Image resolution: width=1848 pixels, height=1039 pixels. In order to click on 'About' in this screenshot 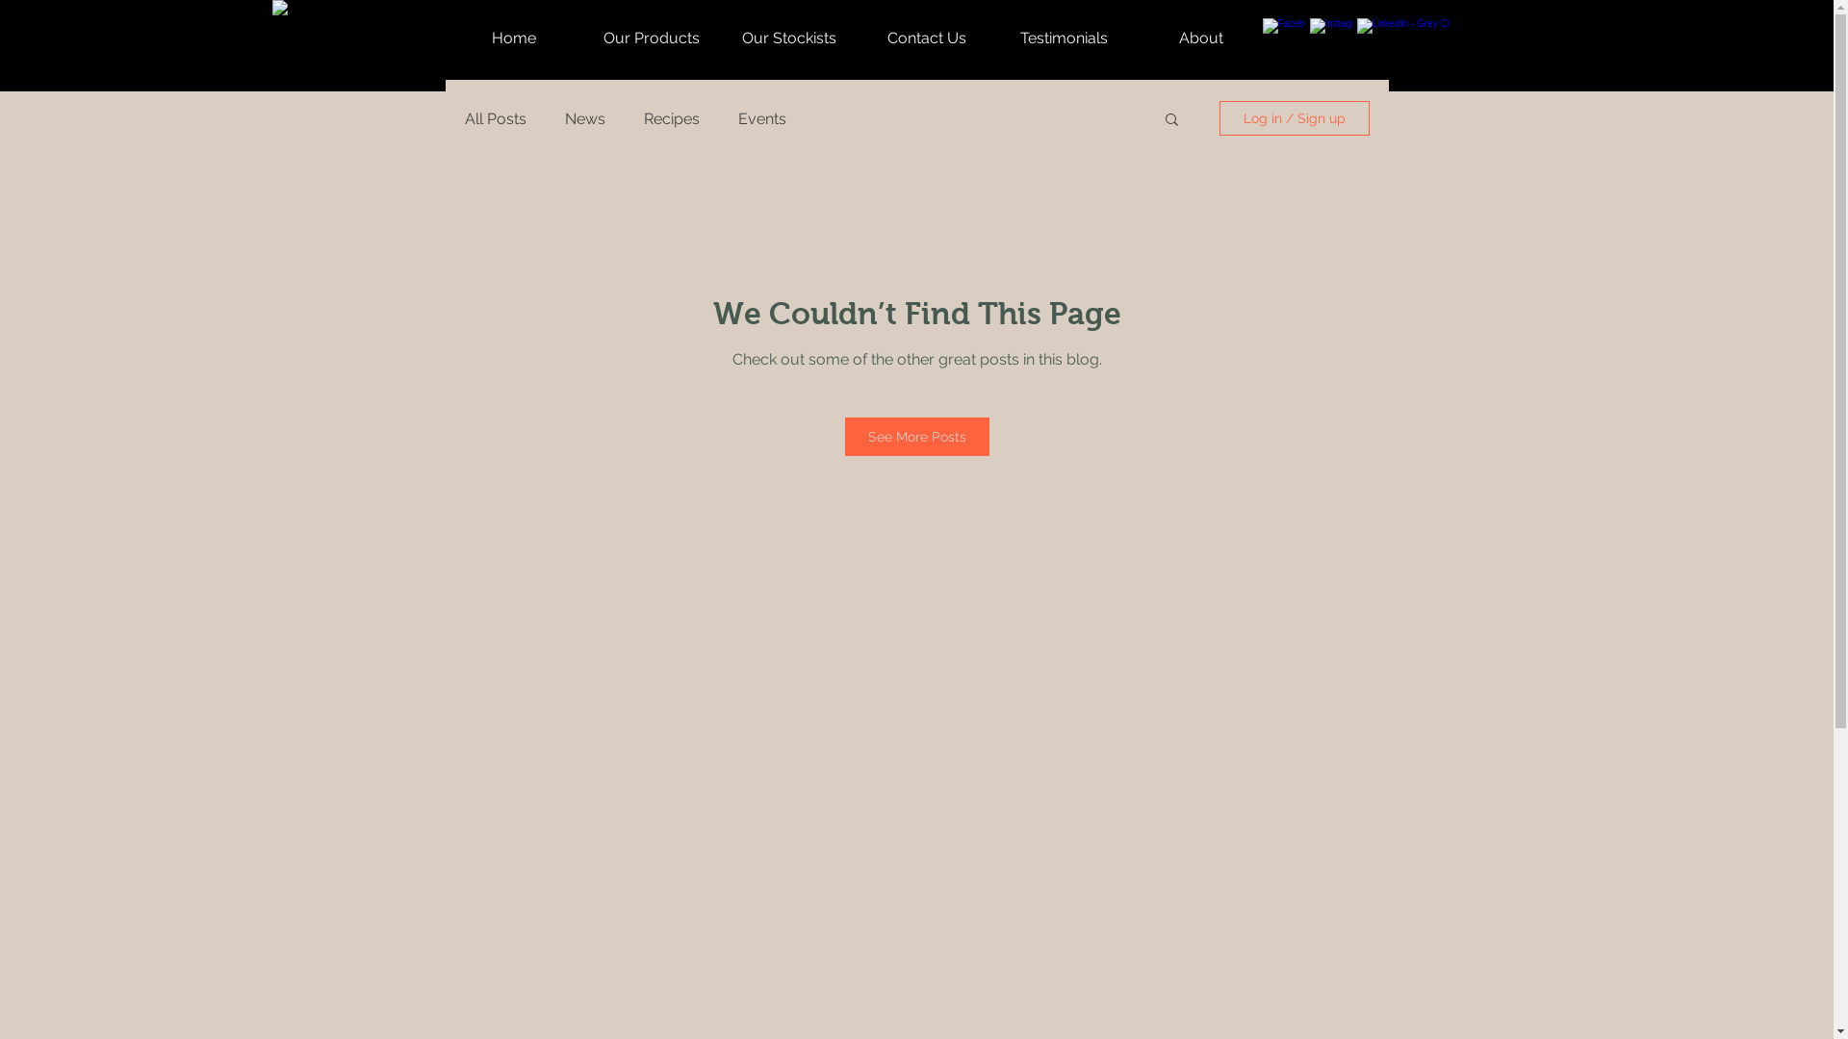, I will do `click(1199, 38)`.